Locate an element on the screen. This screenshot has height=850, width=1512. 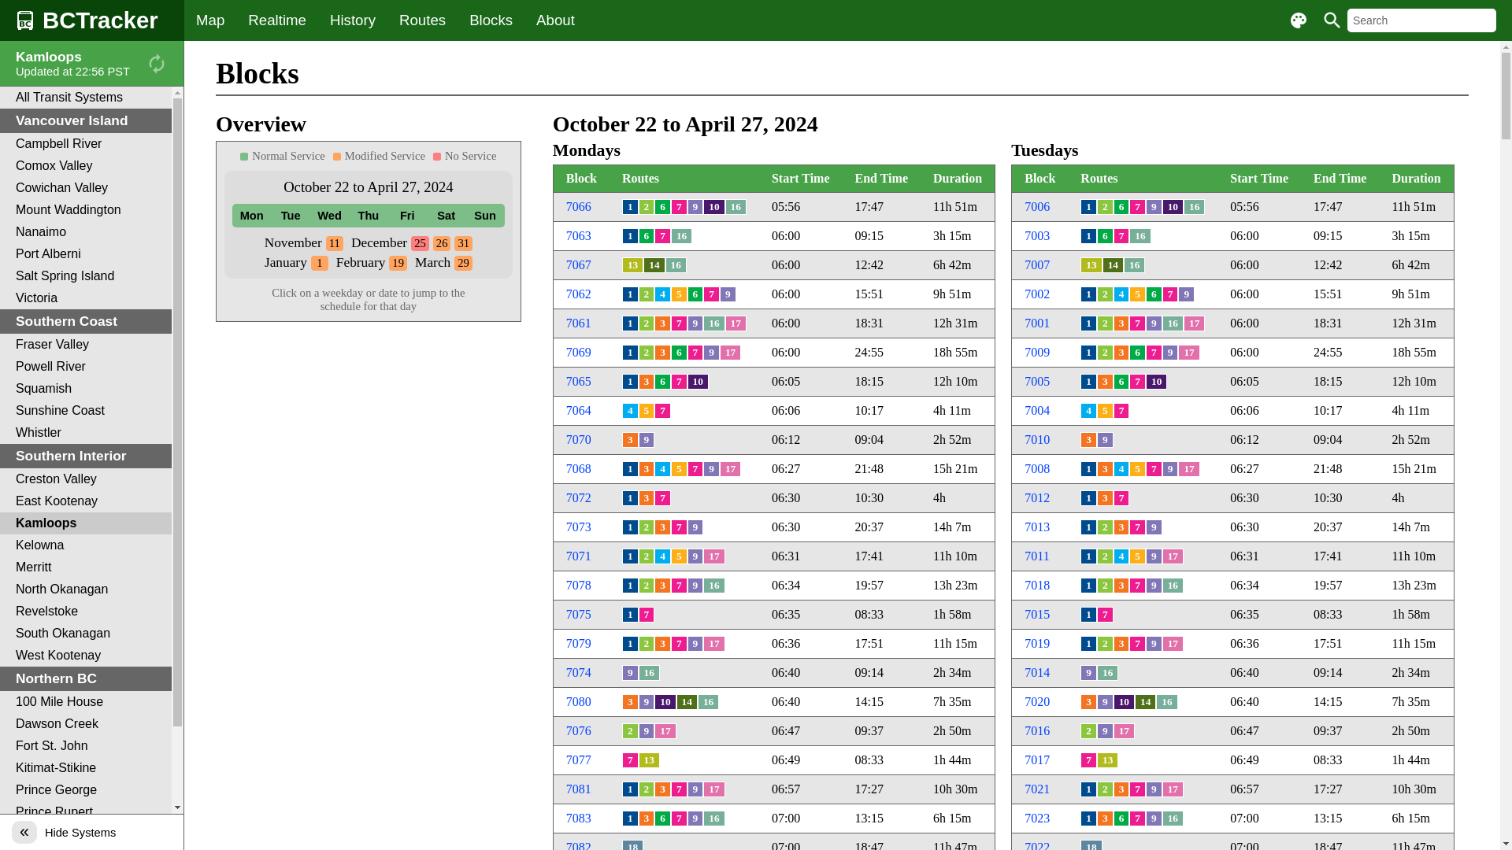
'Port Alberni' is located at coordinates (85, 253).